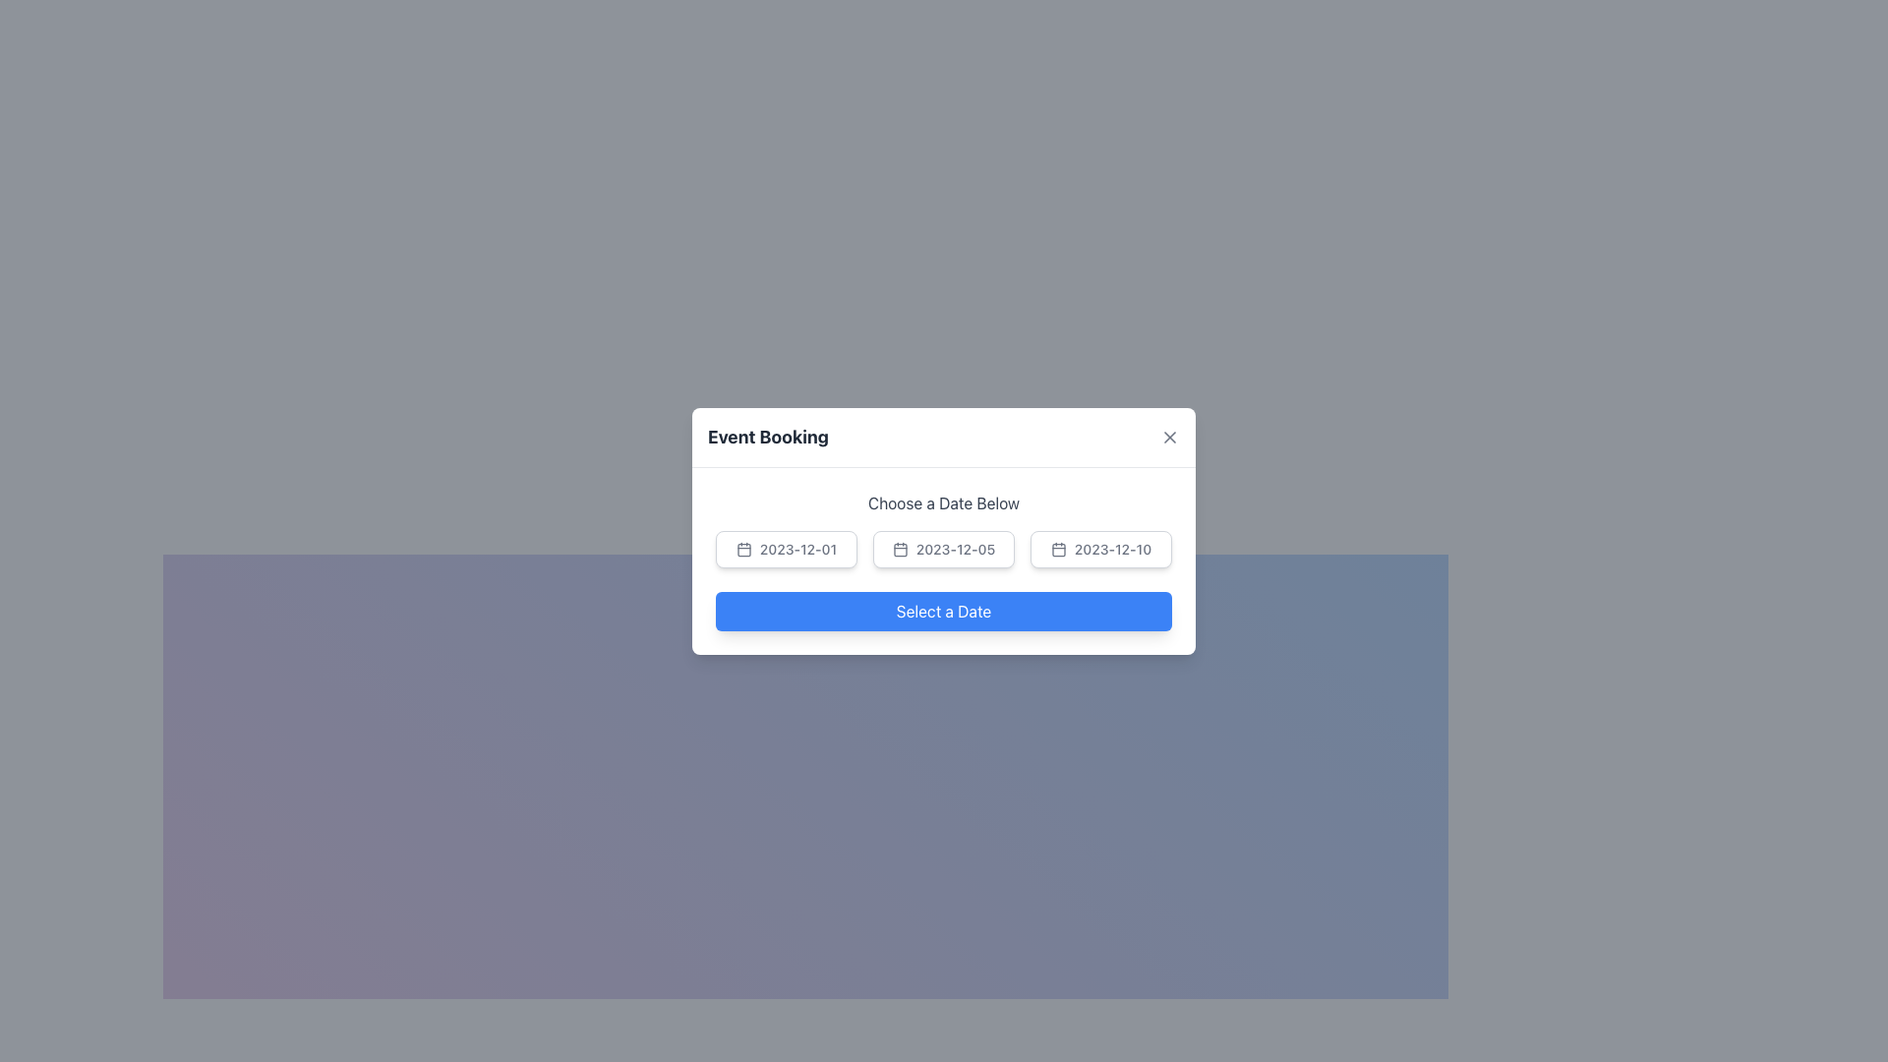 The image size is (1888, 1062). I want to click on the rounded rectangle icon located within the calendar-like icon, which is used for selecting dates, positioned centrally in the middle date-selection button below 'Choose a Date Below', so click(899, 550).